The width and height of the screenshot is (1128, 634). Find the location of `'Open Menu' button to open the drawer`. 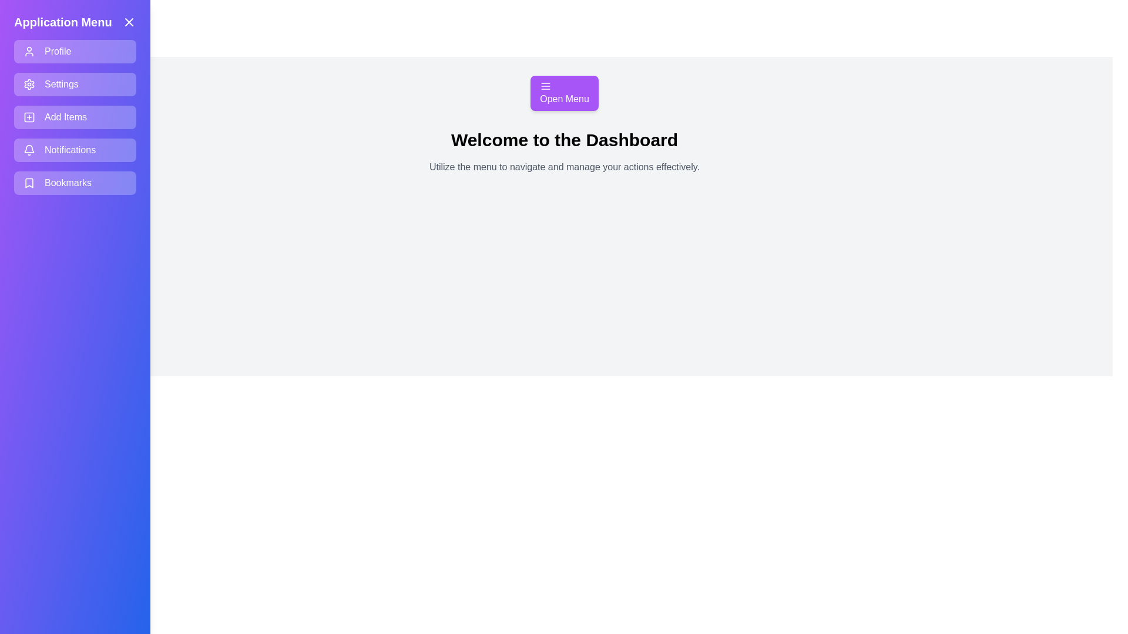

'Open Menu' button to open the drawer is located at coordinates (564, 92).